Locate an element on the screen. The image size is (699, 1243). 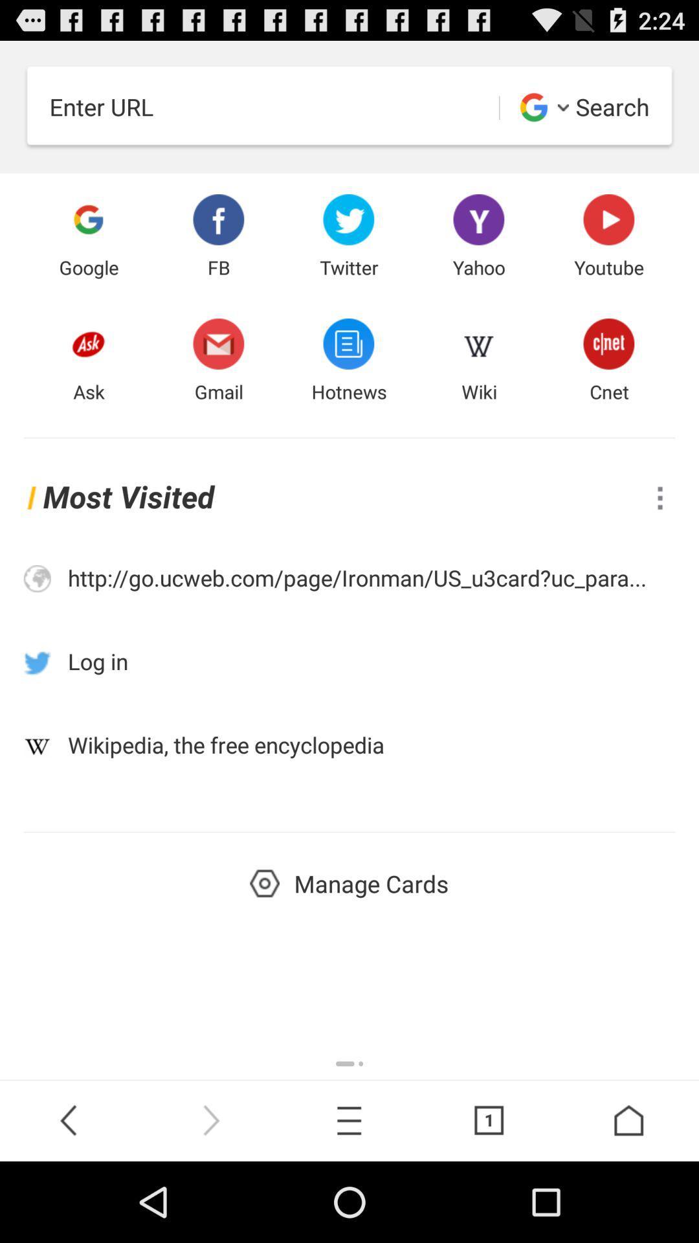
show options about most visited sites is located at coordinates (660, 497).